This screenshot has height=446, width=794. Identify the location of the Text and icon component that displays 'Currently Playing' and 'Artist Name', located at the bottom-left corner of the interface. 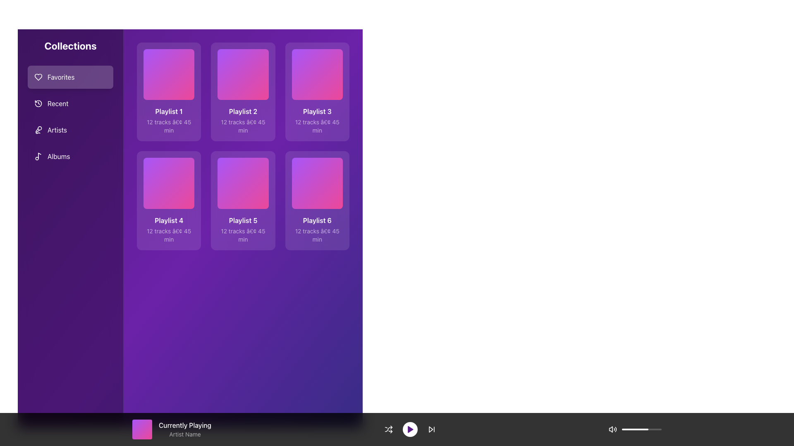
(171, 429).